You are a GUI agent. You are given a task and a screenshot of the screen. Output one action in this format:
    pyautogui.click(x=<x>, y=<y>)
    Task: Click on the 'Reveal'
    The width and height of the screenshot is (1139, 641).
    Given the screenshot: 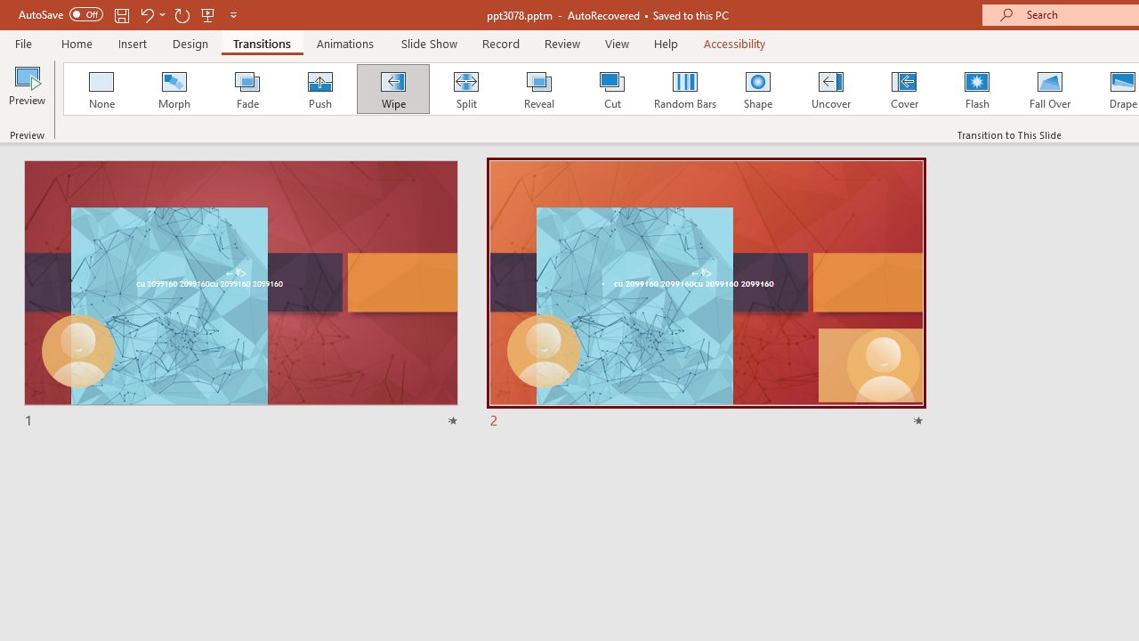 What is the action you would take?
    pyautogui.click(x=537, y=89)
    